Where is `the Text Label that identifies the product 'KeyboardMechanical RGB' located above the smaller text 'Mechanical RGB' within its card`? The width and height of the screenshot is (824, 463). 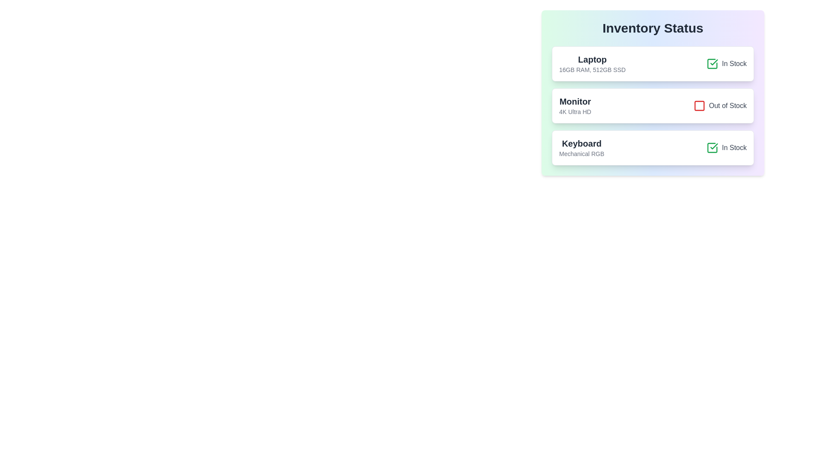 the Text Label that identifies the product 'KeyboardMechanical RGB' located above the smaller text 'Mechanical RGB' within its card is located at coordinates (582, 143).